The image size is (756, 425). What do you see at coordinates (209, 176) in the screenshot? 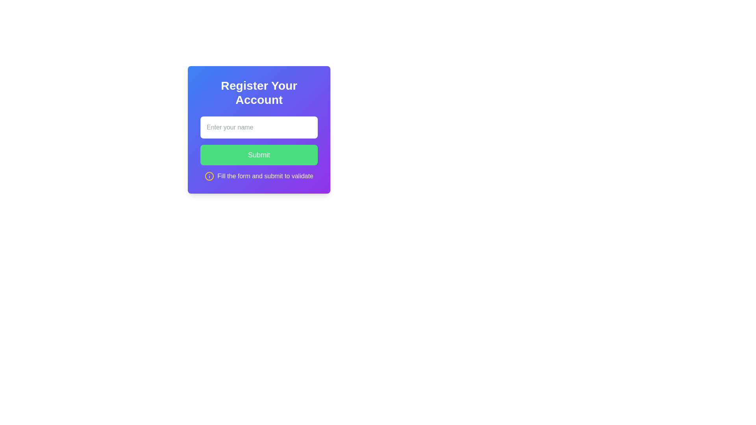
I see `the informational icon located to the far left within the content area below the 'Submit' button, immediately to the left of the text 'Fill the form and submit to validate', for accessibility purposes` at bounding box center [209, 176].